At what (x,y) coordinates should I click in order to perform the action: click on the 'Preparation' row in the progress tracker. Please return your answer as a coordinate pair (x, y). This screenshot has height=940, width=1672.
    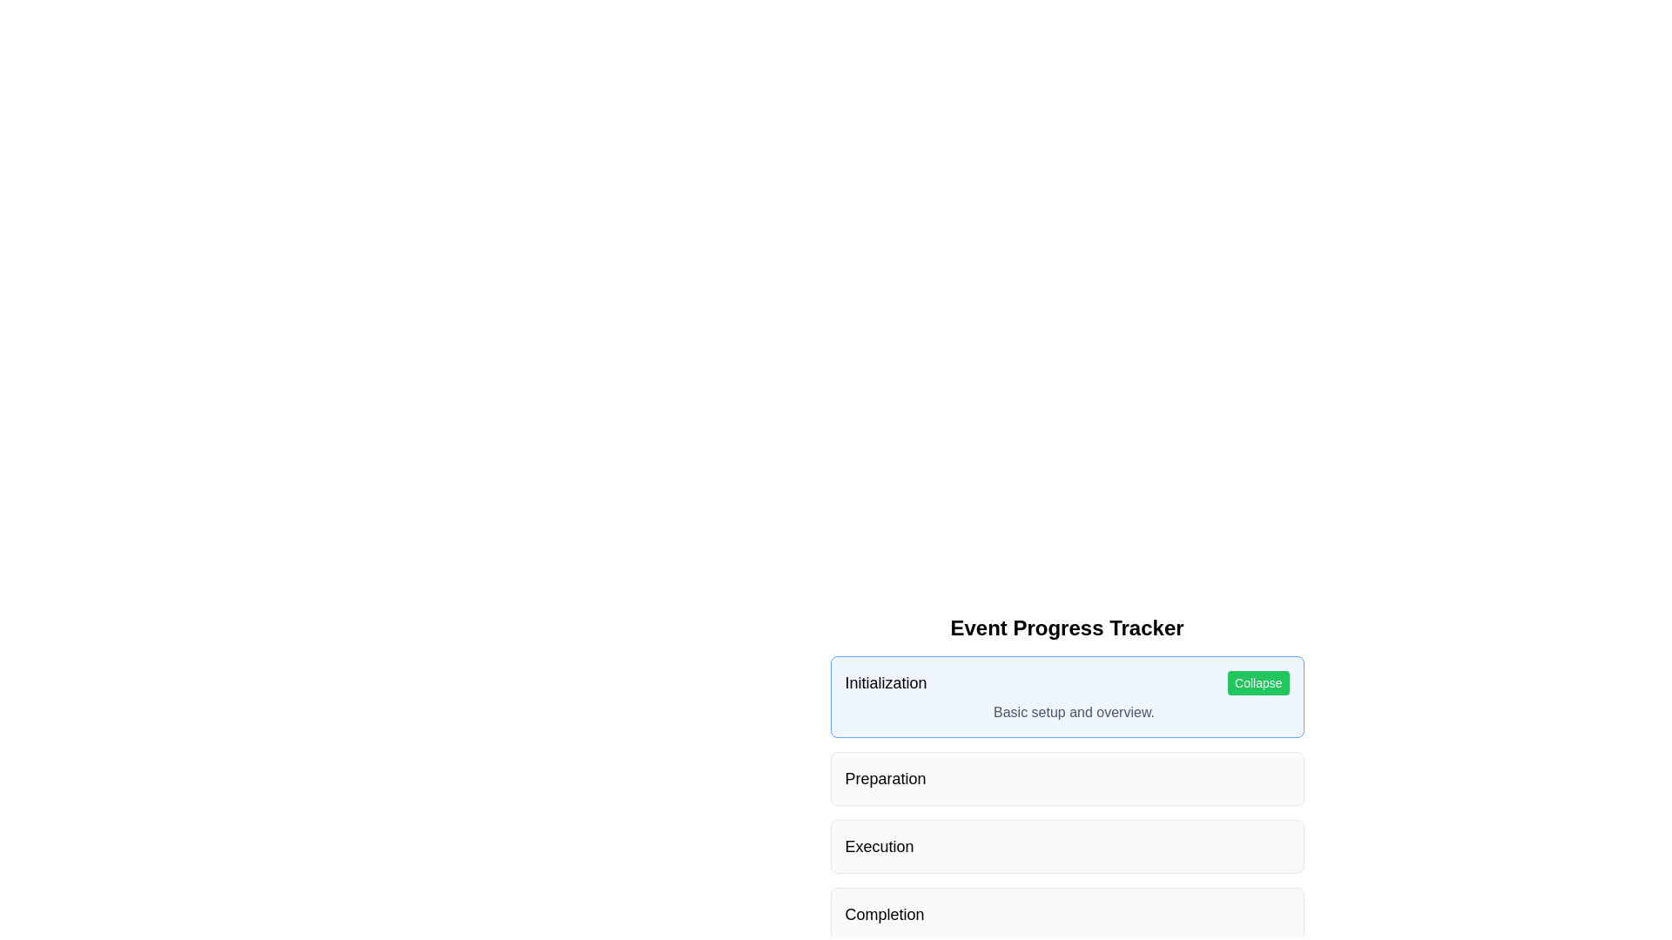
    Looking at the image, I should click on (1066, 757).